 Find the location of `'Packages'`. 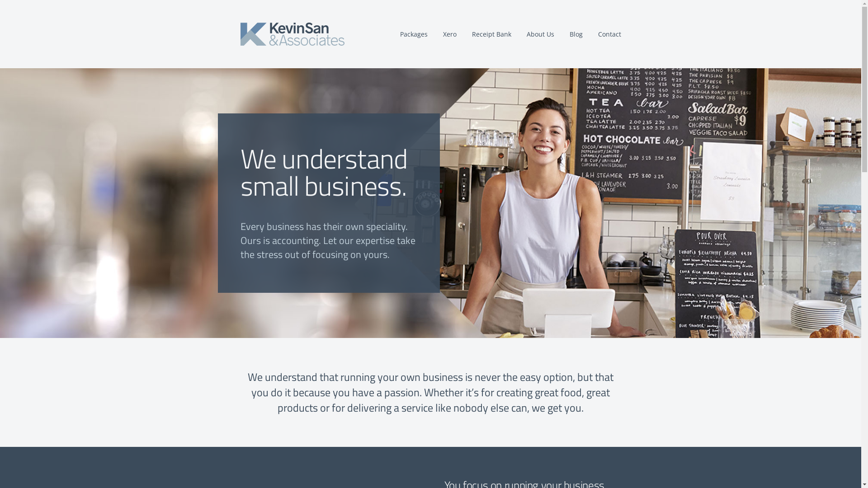

'Packages' is located at coordinates (413, 33).